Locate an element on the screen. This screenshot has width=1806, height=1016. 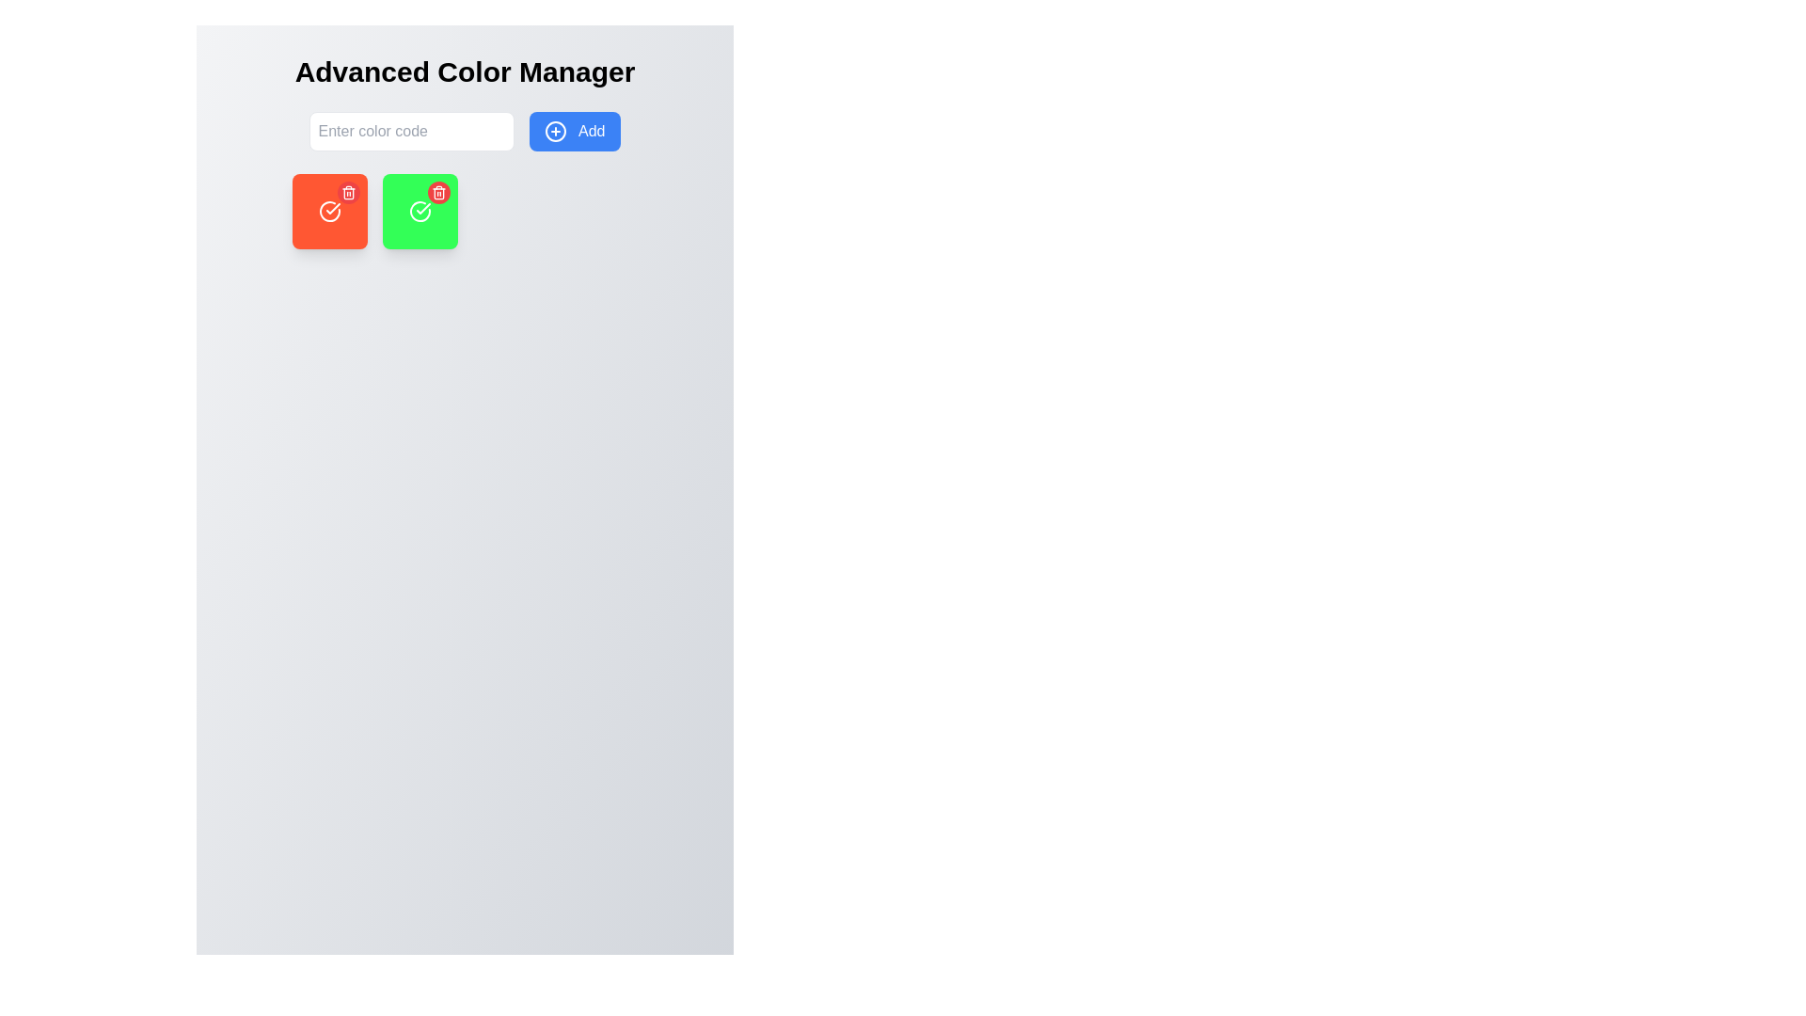
the icon that visually represents adding an item, which is positioned as the leftmost component within the blue 'Add' button is located at coordinates (555, 131).